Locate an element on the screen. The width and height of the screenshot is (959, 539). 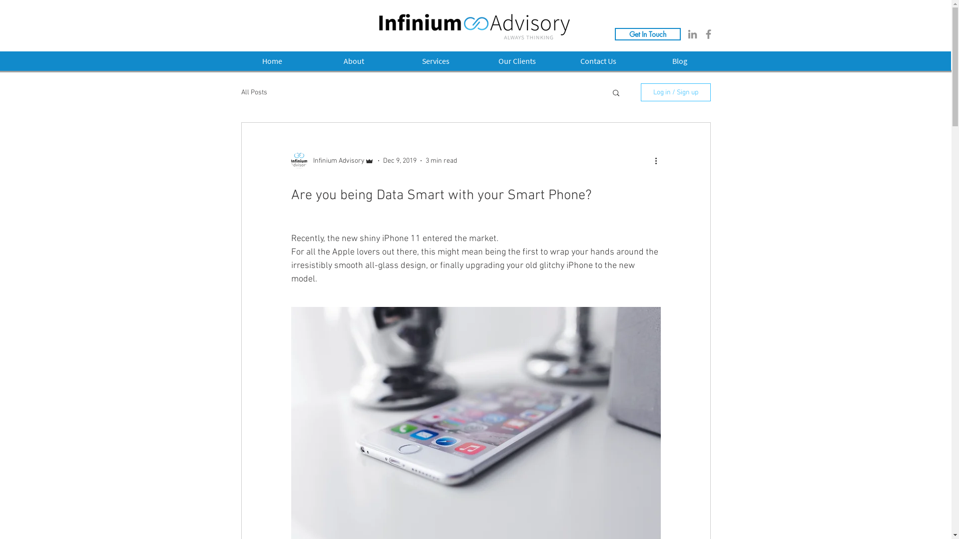
'All Posts' is located at coordinates (240, 92).